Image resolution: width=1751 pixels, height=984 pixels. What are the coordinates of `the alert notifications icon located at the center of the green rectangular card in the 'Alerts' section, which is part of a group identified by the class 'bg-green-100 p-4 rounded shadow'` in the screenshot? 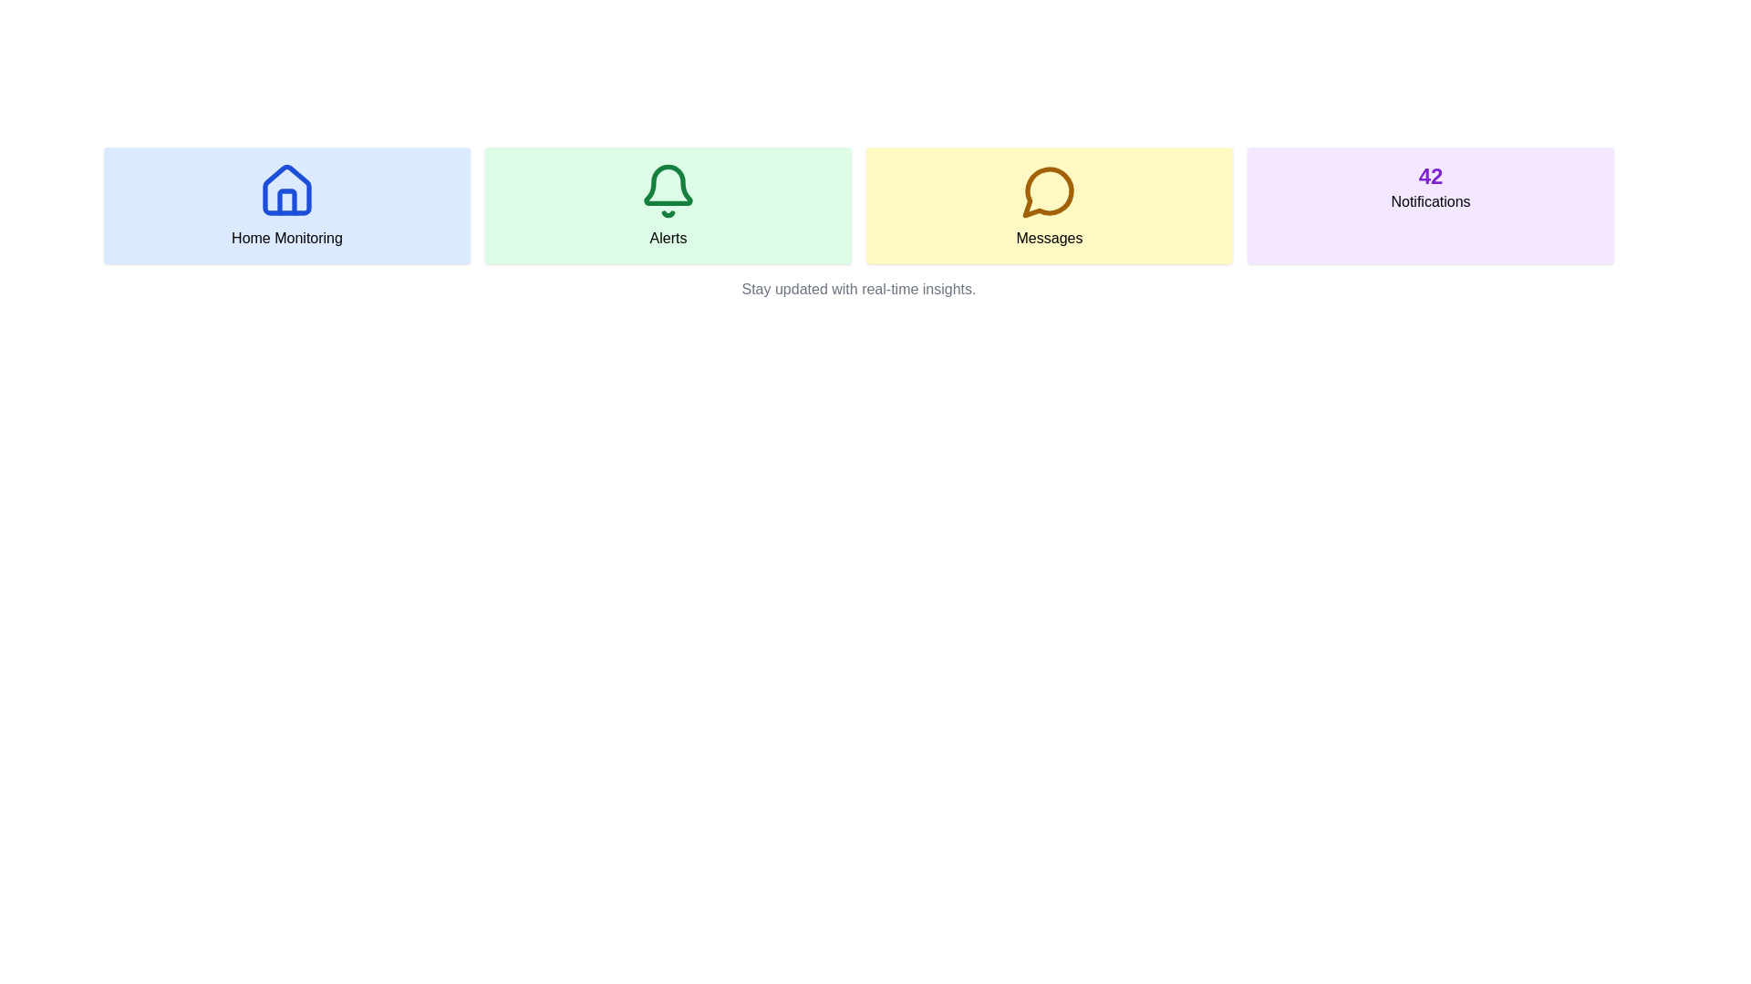 It's located at (668, 190).